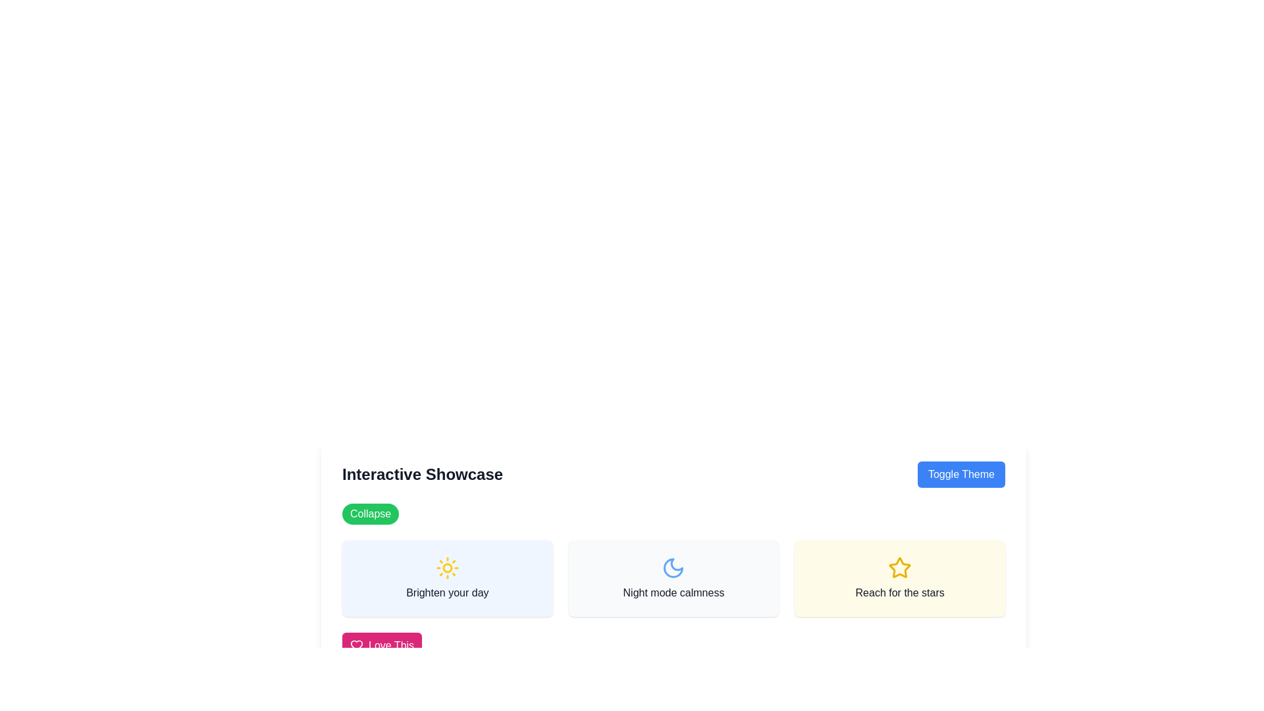 This screenshot has height=711, width=1264. I want to click on the middle card in the grid that presents the theme of night mode calmness, so click(673, 578).